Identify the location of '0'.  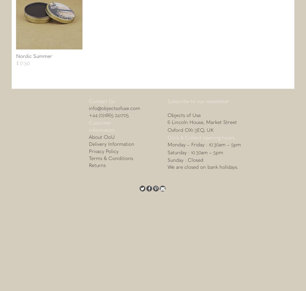
(28, 63).